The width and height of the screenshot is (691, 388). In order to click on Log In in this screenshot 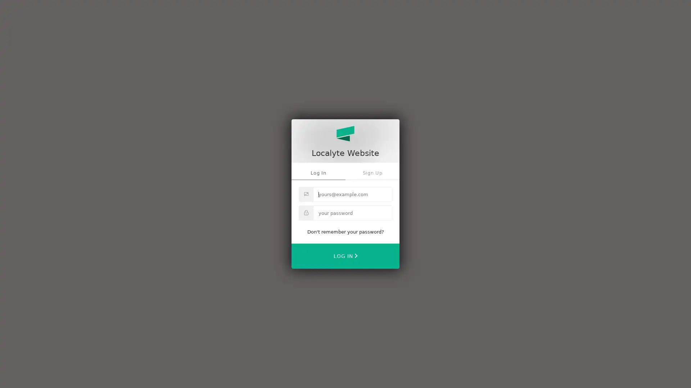, I will do `click(345, 255)`.